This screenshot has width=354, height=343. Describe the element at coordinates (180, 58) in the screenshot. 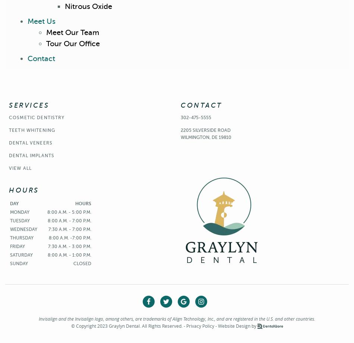

I see `'Request Appointment'` at that location.